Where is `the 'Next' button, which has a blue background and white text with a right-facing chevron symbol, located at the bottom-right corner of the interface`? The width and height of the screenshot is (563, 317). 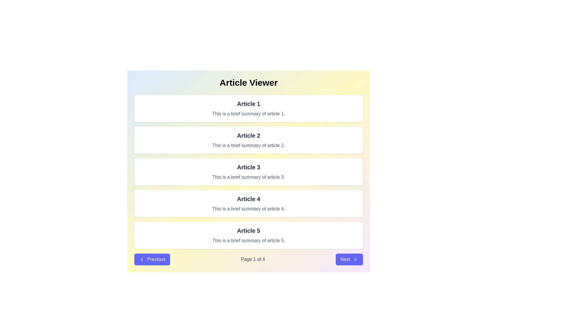
the 'Next' button, which has a blue background and white text with a right-facing chevron symbol, located at the bottom-right corner of the interface is located at coordinates (349, 259).